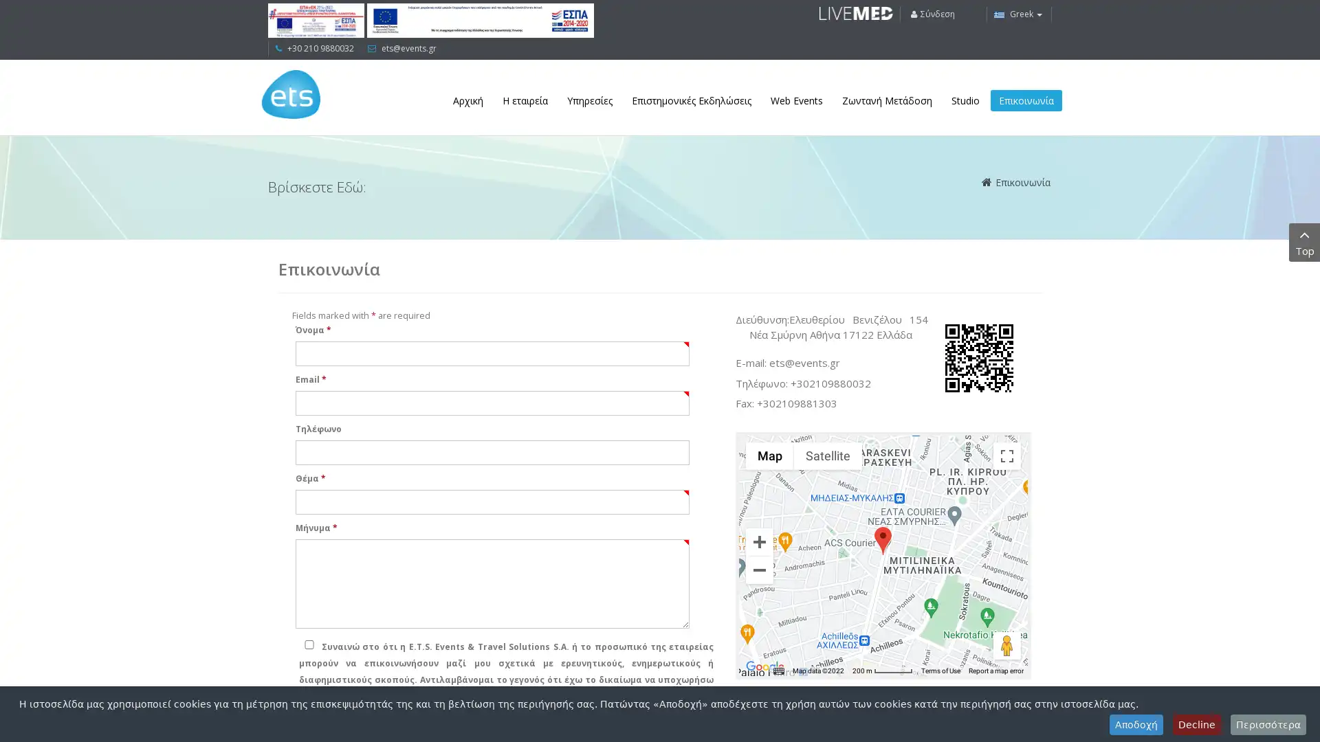  Describe the element at coordinates (758, 570) in the screenshot. I see `Zoom out` at that location.